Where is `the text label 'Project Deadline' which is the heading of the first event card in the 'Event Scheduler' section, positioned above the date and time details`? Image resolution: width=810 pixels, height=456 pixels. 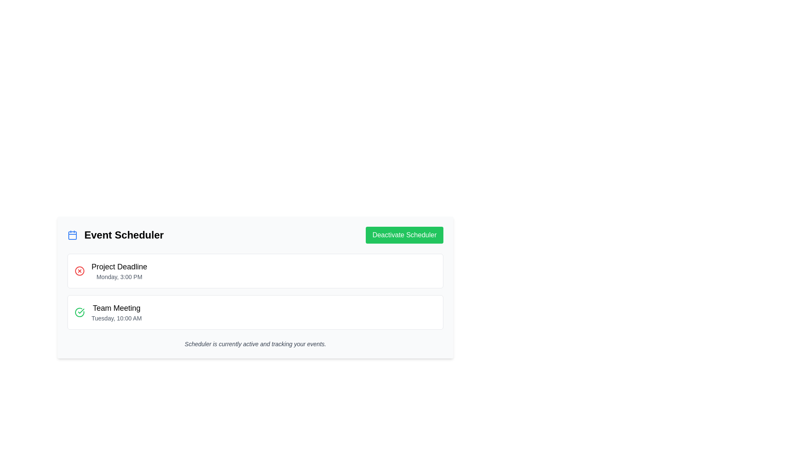
the text label 'Project Deadline' which is the heading of the first event card in the 'Event Scheduler' section, positioned above the date and time details is located at coordinates (119, 267).